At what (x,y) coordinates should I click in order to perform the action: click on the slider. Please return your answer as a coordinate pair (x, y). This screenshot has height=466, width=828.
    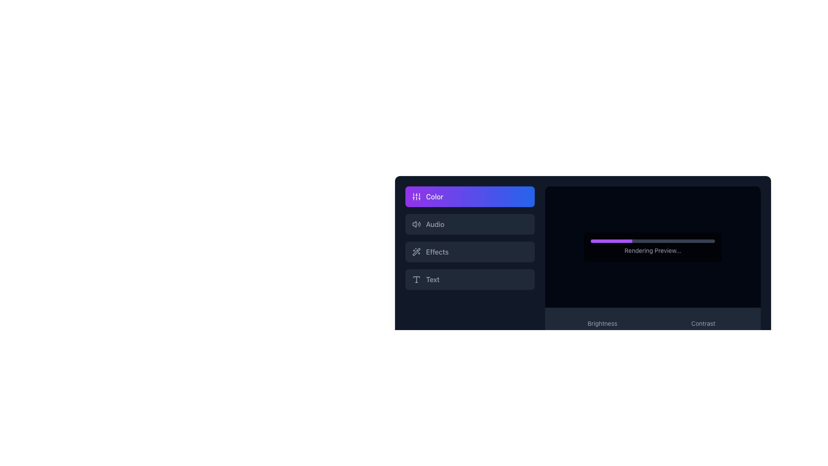
    Looking at the image, I should click on (612, 335).